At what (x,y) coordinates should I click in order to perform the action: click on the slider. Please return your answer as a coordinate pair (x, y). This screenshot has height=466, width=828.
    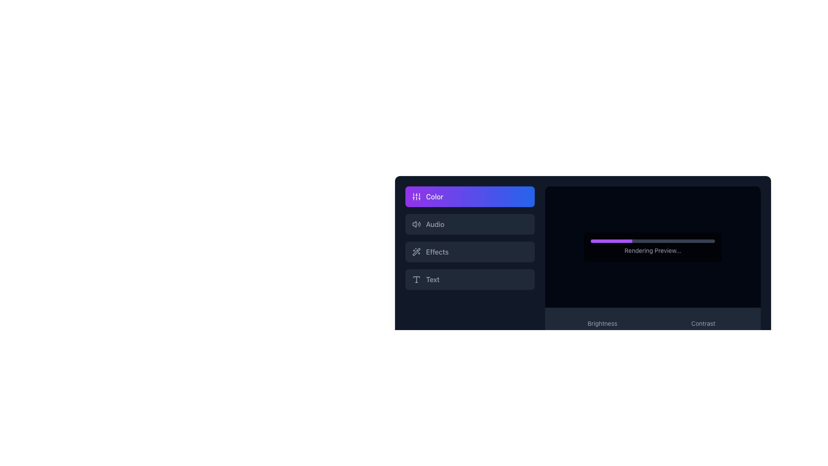
    Looking at the image, I should click on (612, 335).